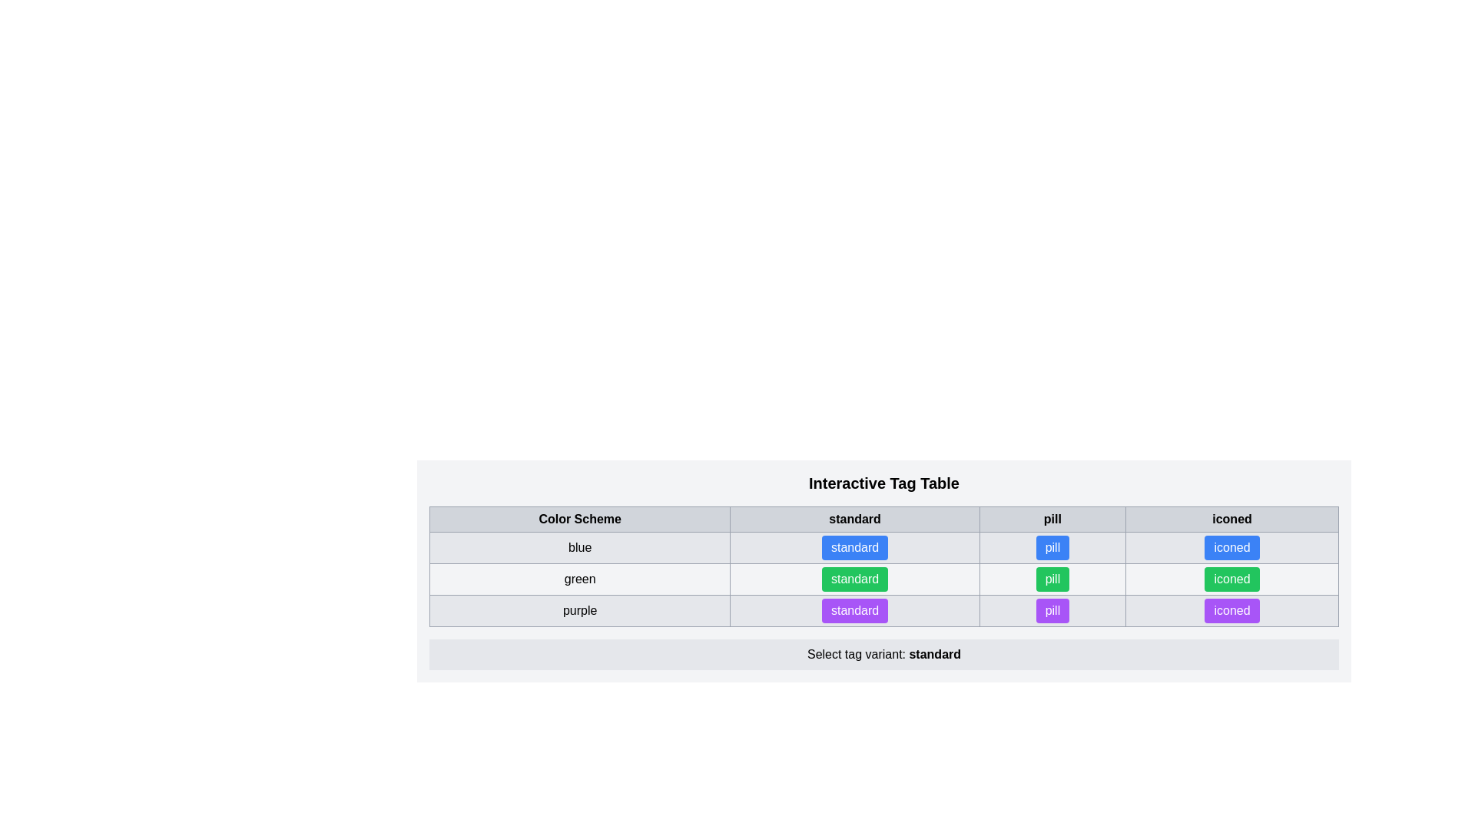 The width and height of the screenshot is (1475, 830). I want to click on the static Text Label located under the 'Interactive Tag Table' section, to the right of 'Select tag variant:', so click(934, 654).